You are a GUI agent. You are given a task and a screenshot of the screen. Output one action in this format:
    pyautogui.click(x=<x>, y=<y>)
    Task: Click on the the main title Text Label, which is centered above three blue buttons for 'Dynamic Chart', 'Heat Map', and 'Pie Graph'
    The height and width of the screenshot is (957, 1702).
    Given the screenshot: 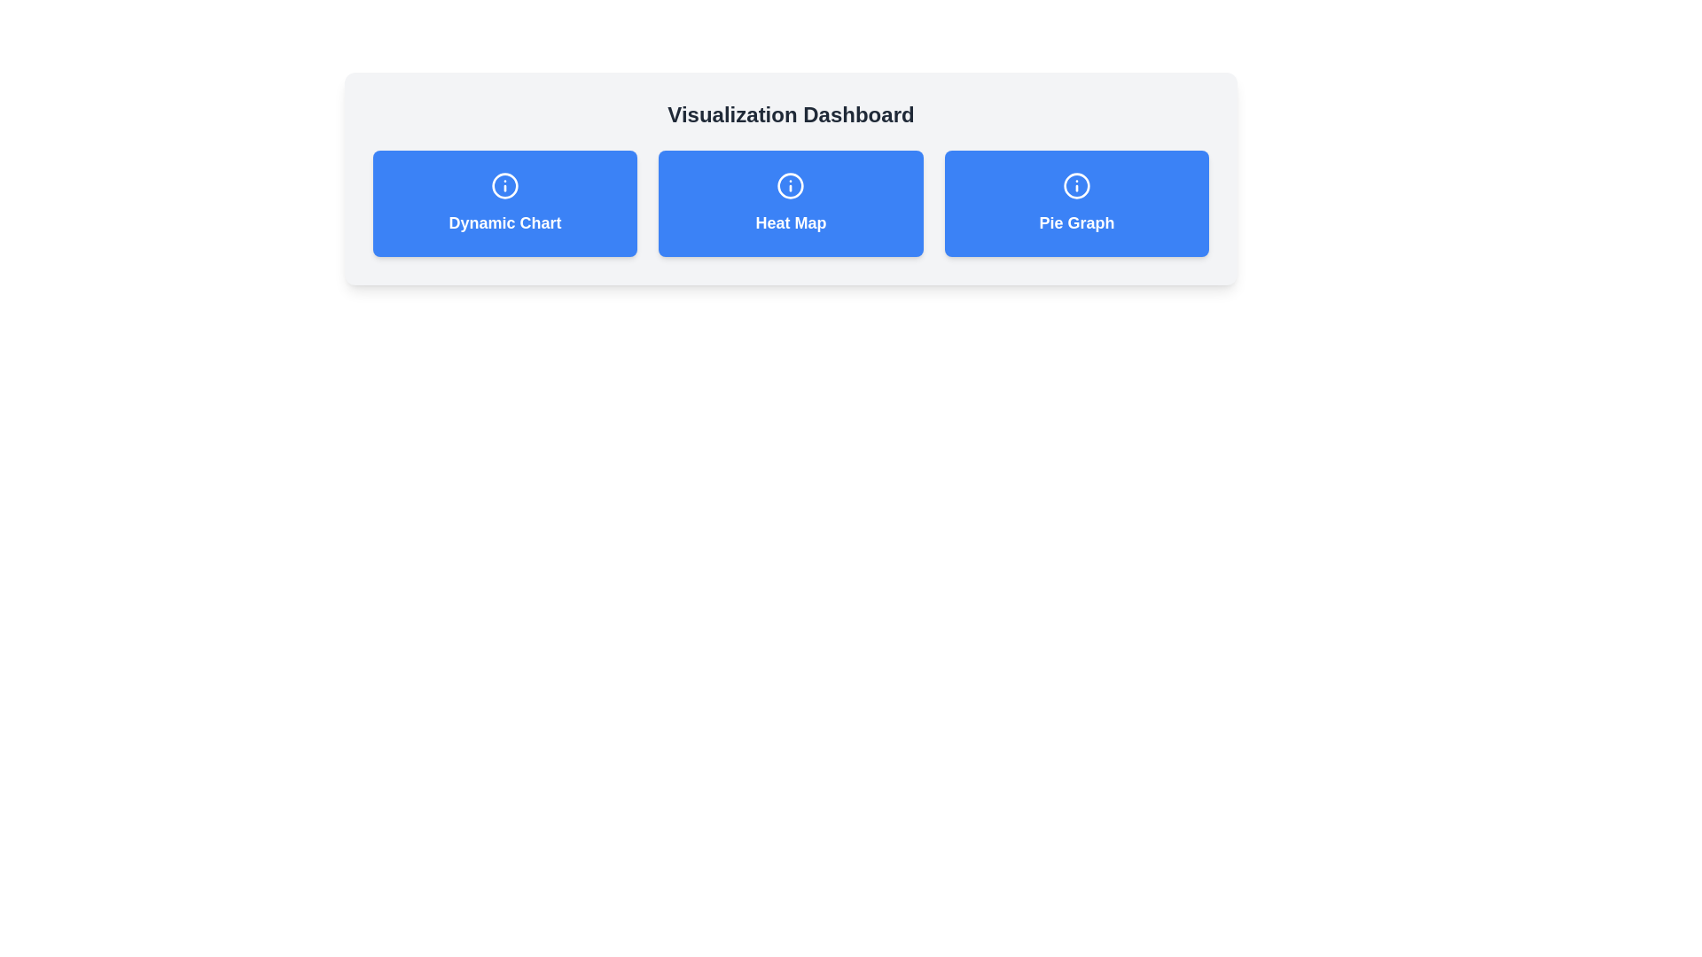 What is the action you would take?
    pyautogui.click(x=790, y=115)
    